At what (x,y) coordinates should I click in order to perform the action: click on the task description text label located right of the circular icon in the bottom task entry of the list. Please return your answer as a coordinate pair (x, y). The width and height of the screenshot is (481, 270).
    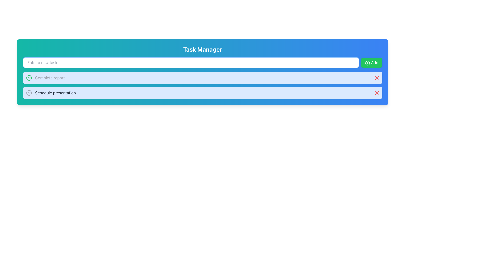
    Looking at the image, I should click on (55, 93).